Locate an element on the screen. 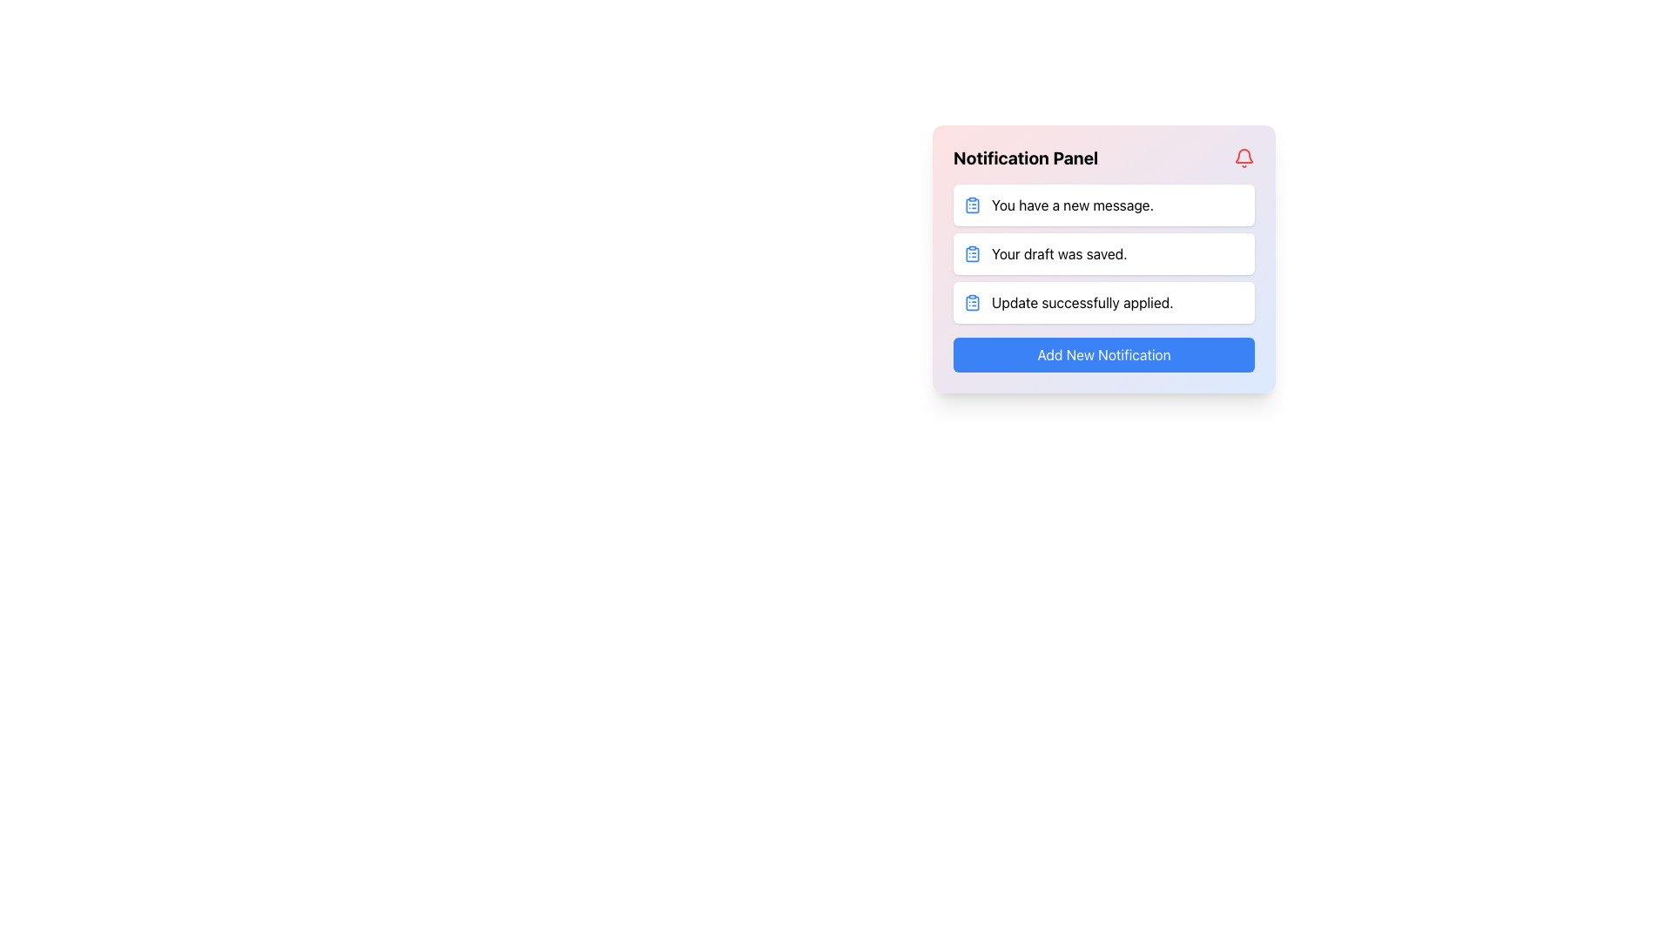 The height and width of the screenshot is (940, 1672). title label of the notification card located in the top-left corner of the card's header section, positioned to the left of the bell-shaped icon is located at coordinates (1026, 158).